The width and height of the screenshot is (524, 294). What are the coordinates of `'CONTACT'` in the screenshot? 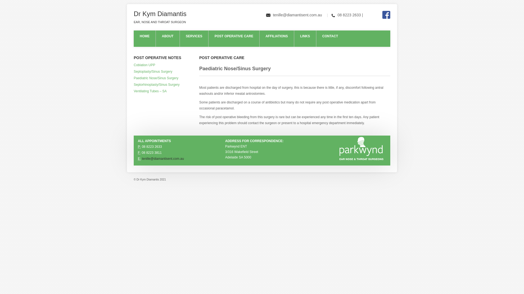 It's located at (322, 38).